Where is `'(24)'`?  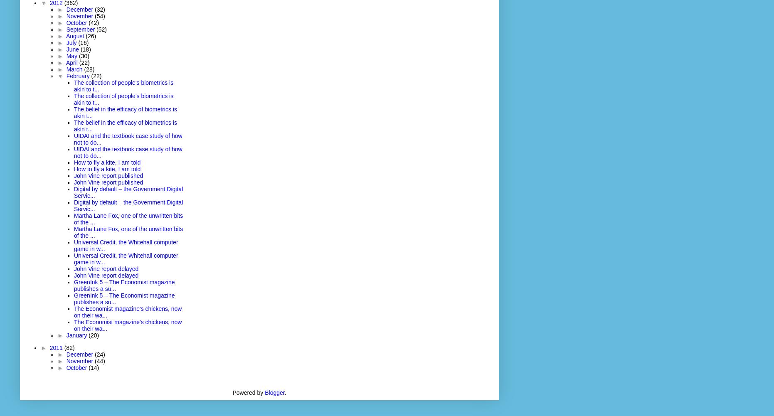
'(24)' is located at coordinates (94, 354).